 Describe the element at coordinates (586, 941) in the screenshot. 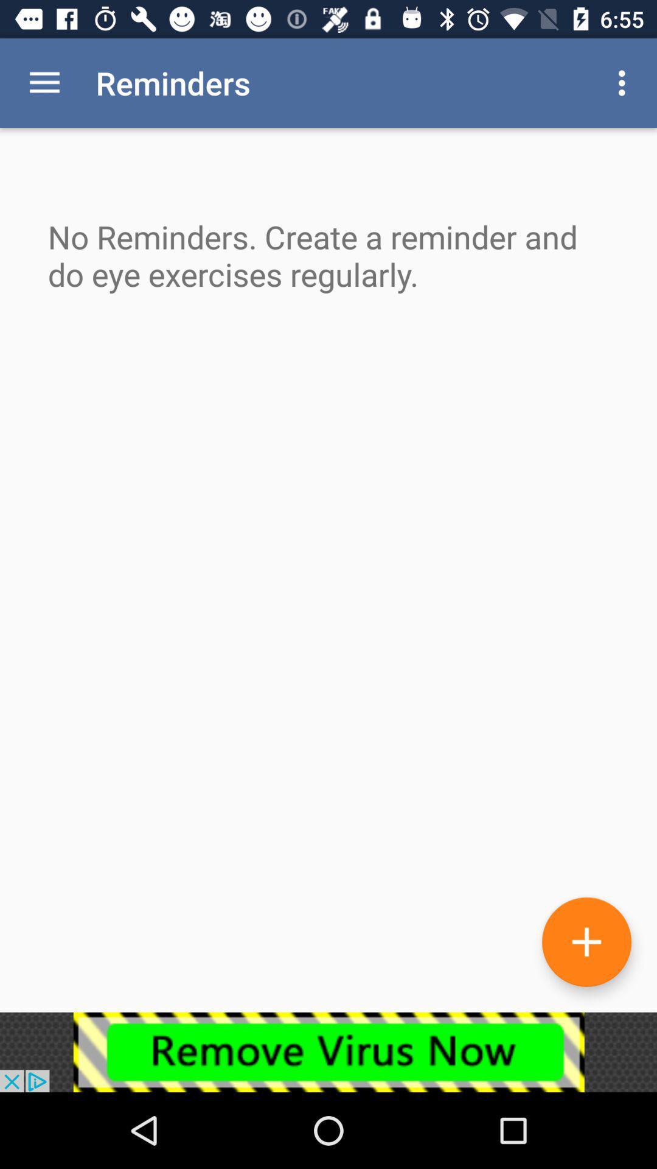

I see `reminder` at that location.